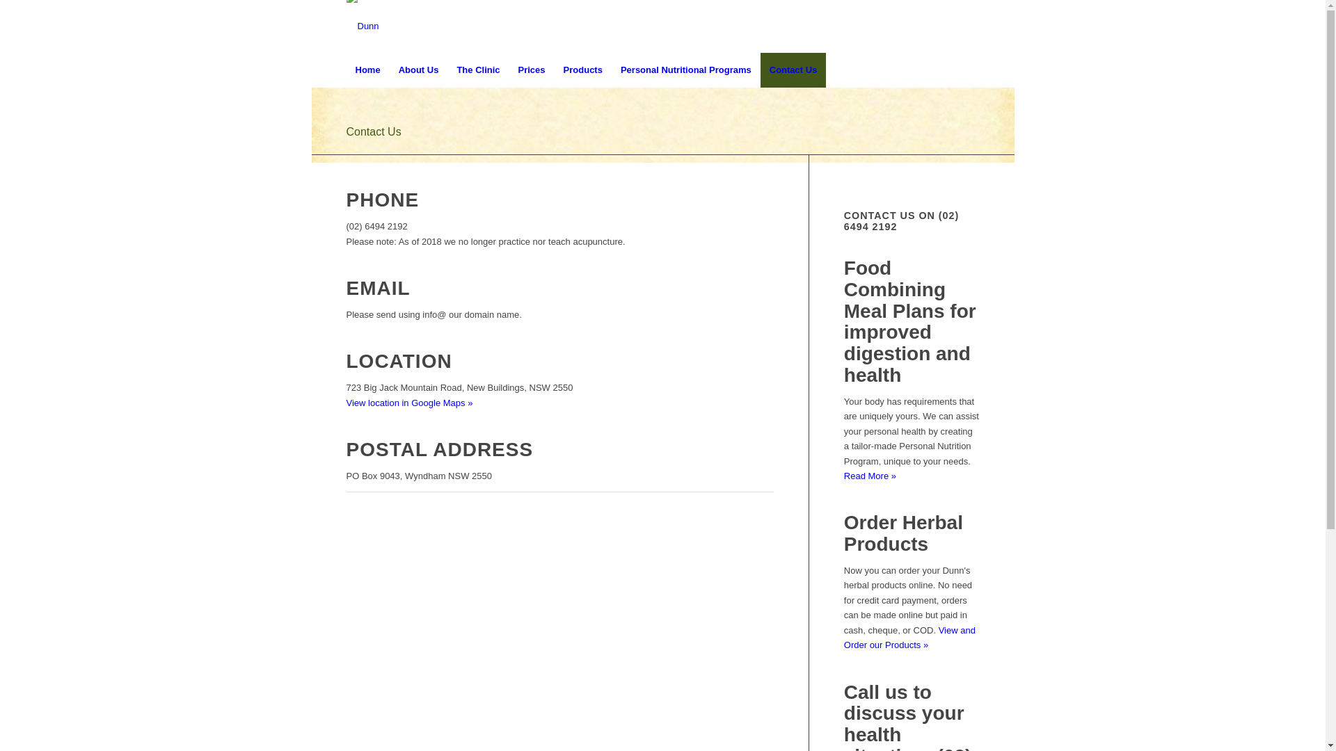 The height and width of the screenshot is (751, 1336). Describe the element at coordinates (374, 131) in the screenshot. I see `'Contact Us'` at that location.